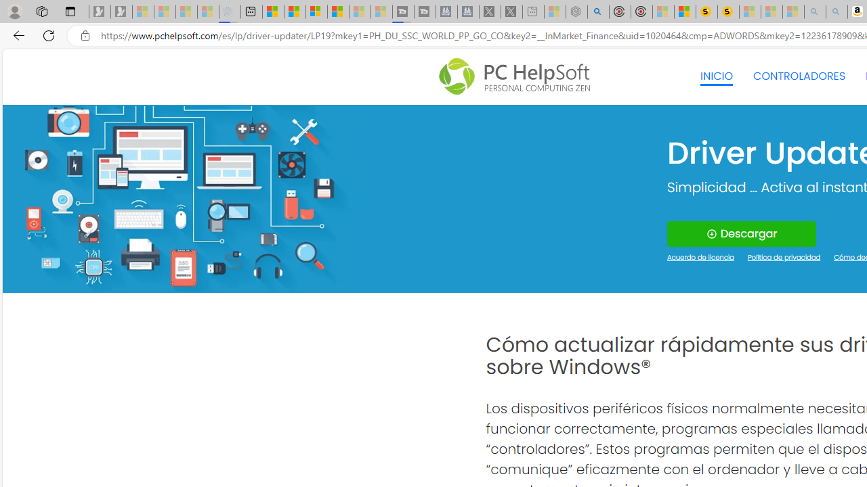 This screenshot has height=487, width=867. Describe the element at coordinates (517, 76) in the screenshot. I see `'Logo Personal Computing'` at that location.